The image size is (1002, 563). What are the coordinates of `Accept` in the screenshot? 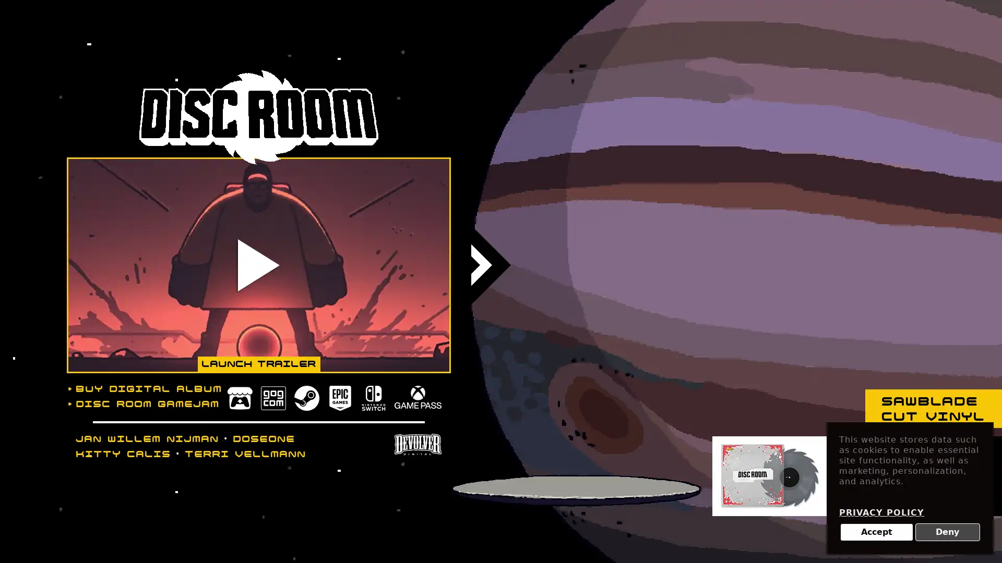 It's located at (876, 532).